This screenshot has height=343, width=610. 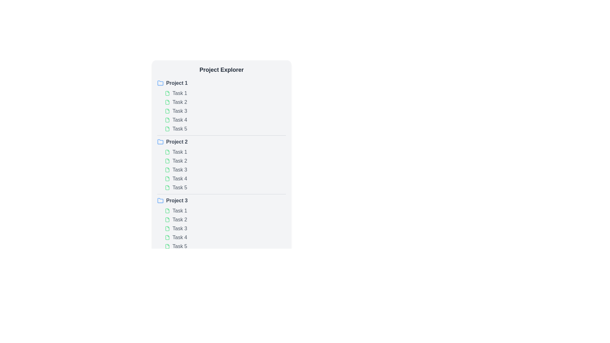 I want to click on the text label for 'Project 1', which is located to the right of the blue folder icon in the 'Project Explorer' section, so click(x=177, y=83).